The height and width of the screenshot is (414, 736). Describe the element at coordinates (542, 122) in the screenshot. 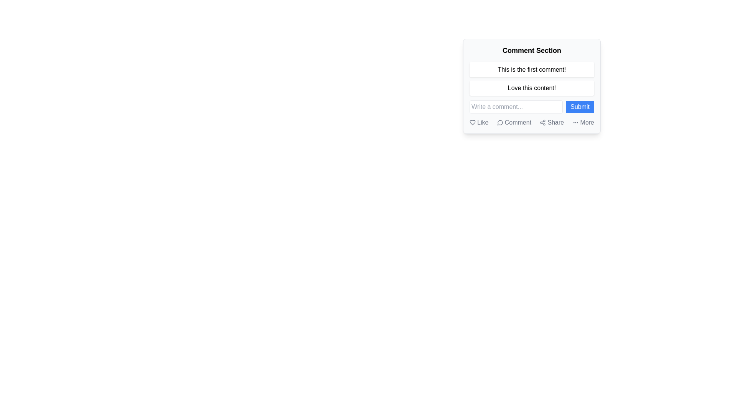

I see `the 'Share' button icon located to the left of the 'Share' text label in the comment section, which serves as a visual indicator for sharing comments` at that location.